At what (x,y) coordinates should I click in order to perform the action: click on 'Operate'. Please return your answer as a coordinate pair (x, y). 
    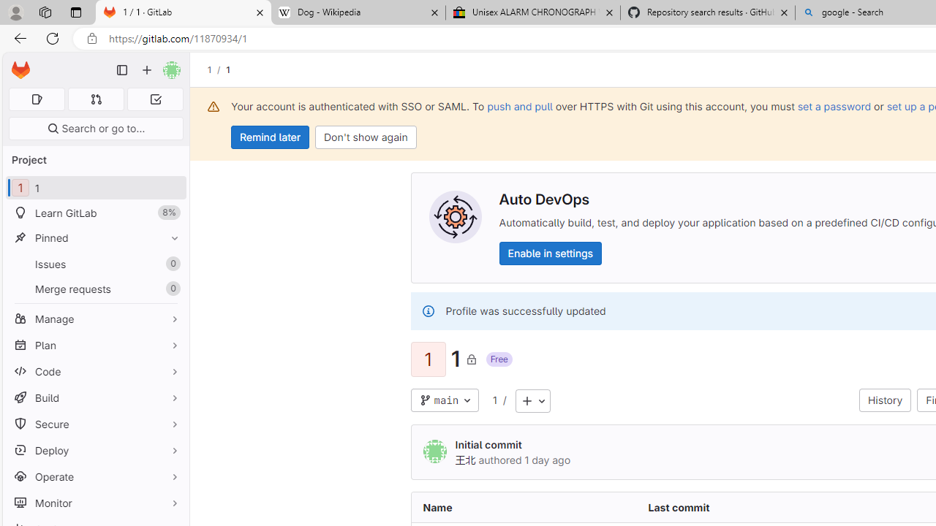
    Looking at the image, I should click on (95, 476).